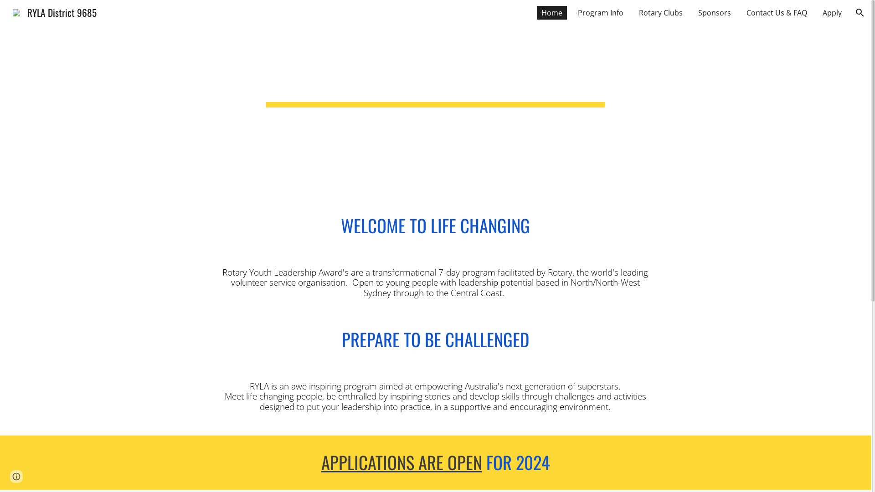 This screenshot has width=875, height=492. I want to click on 'Apply', so click(818, 12).